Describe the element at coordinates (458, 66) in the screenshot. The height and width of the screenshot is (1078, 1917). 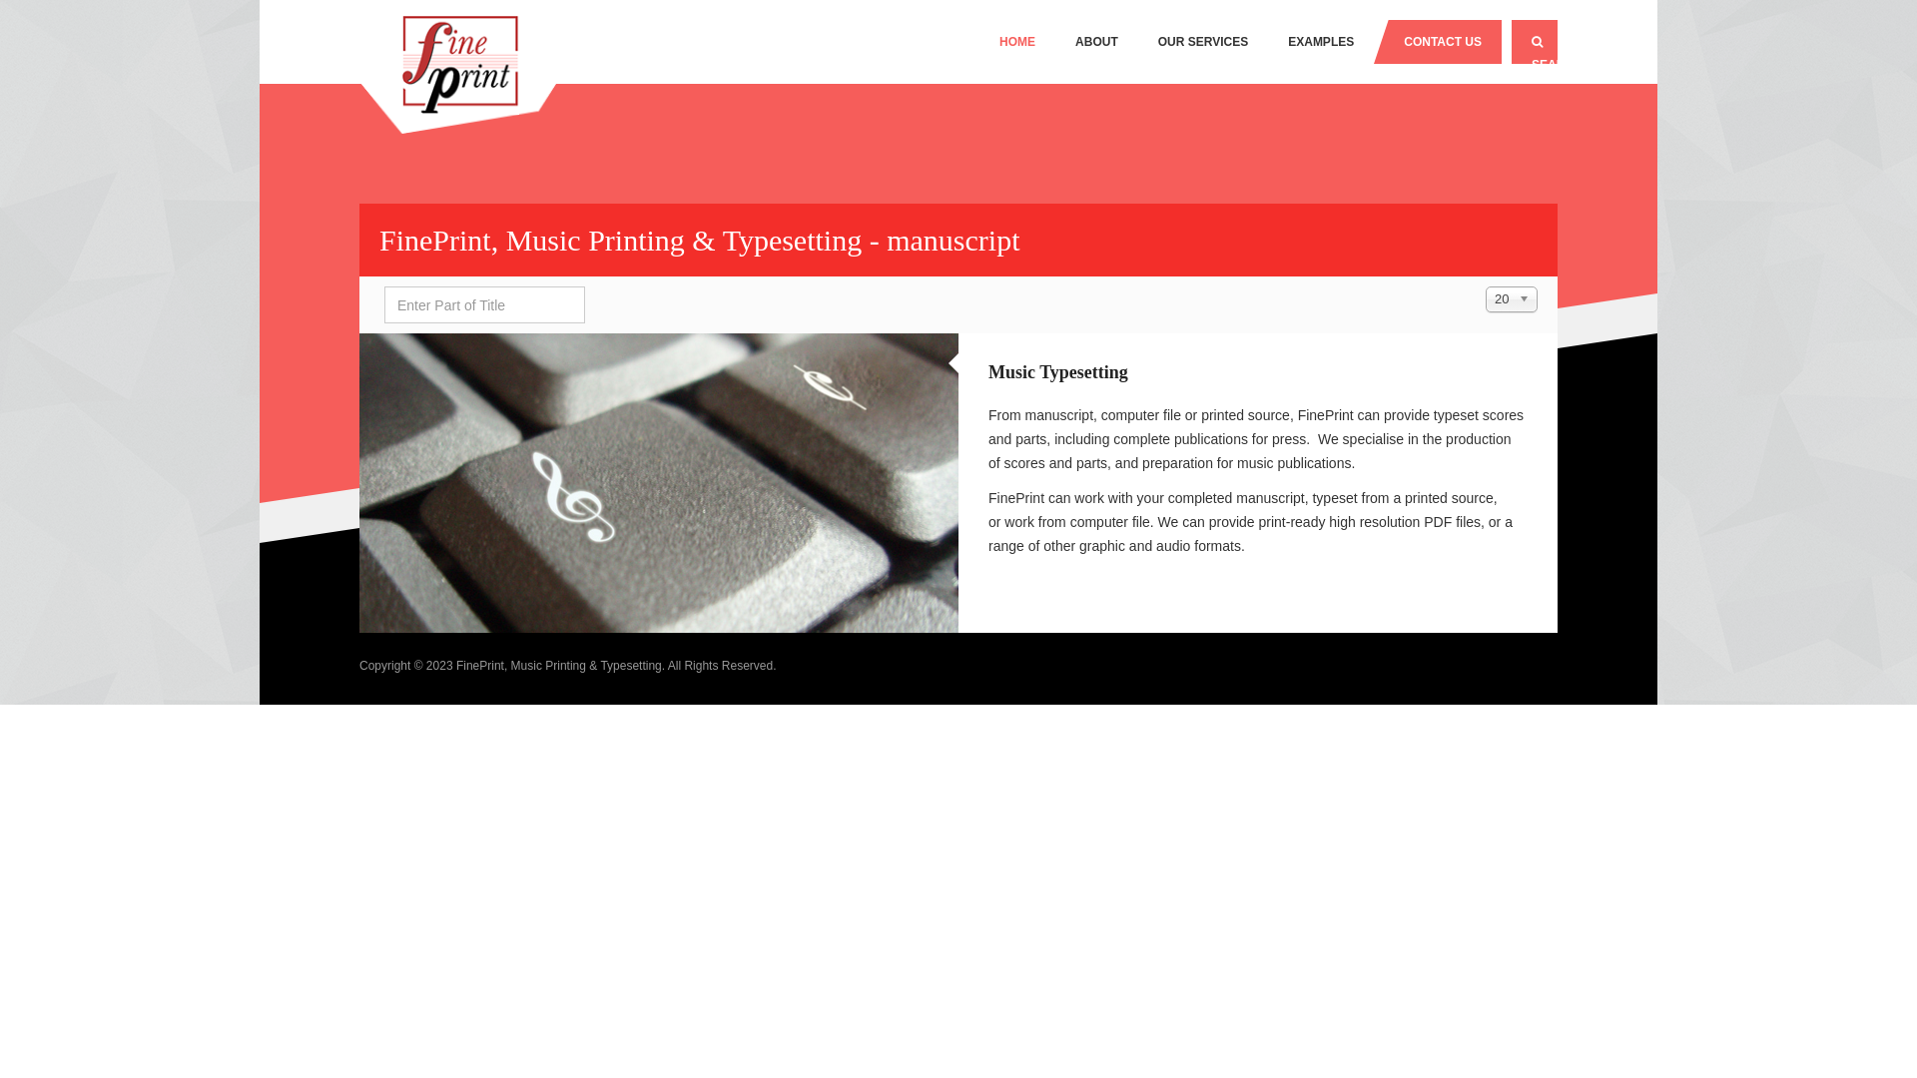
I see `'FinePrint, Music Printing & Typesetting'` at that location.